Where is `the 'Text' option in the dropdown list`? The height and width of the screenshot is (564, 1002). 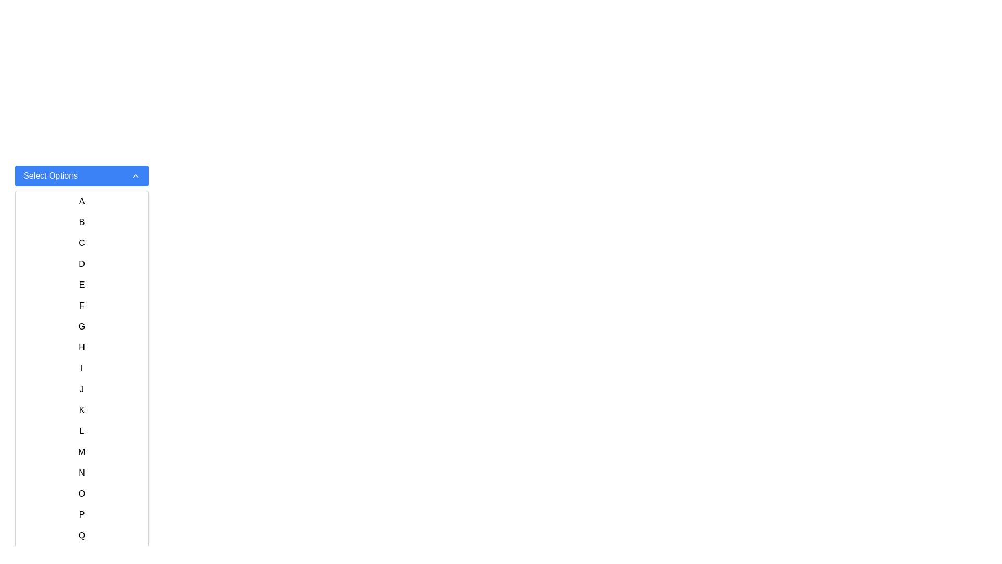 the 'Text' option in the dropdown list is located at coordinates (81, 221).